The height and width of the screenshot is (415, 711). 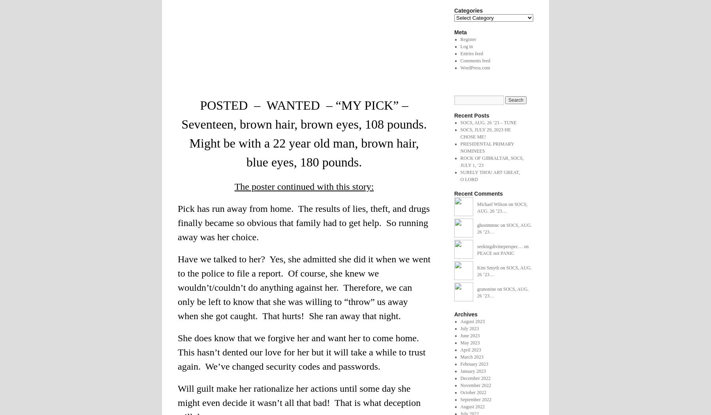 What do you see at coordinates (485, 132) in the screenshot?
I see `'SOCS, JULY 29, 2023  HE CHOSE ME!'` at bounding box center [485, 132].